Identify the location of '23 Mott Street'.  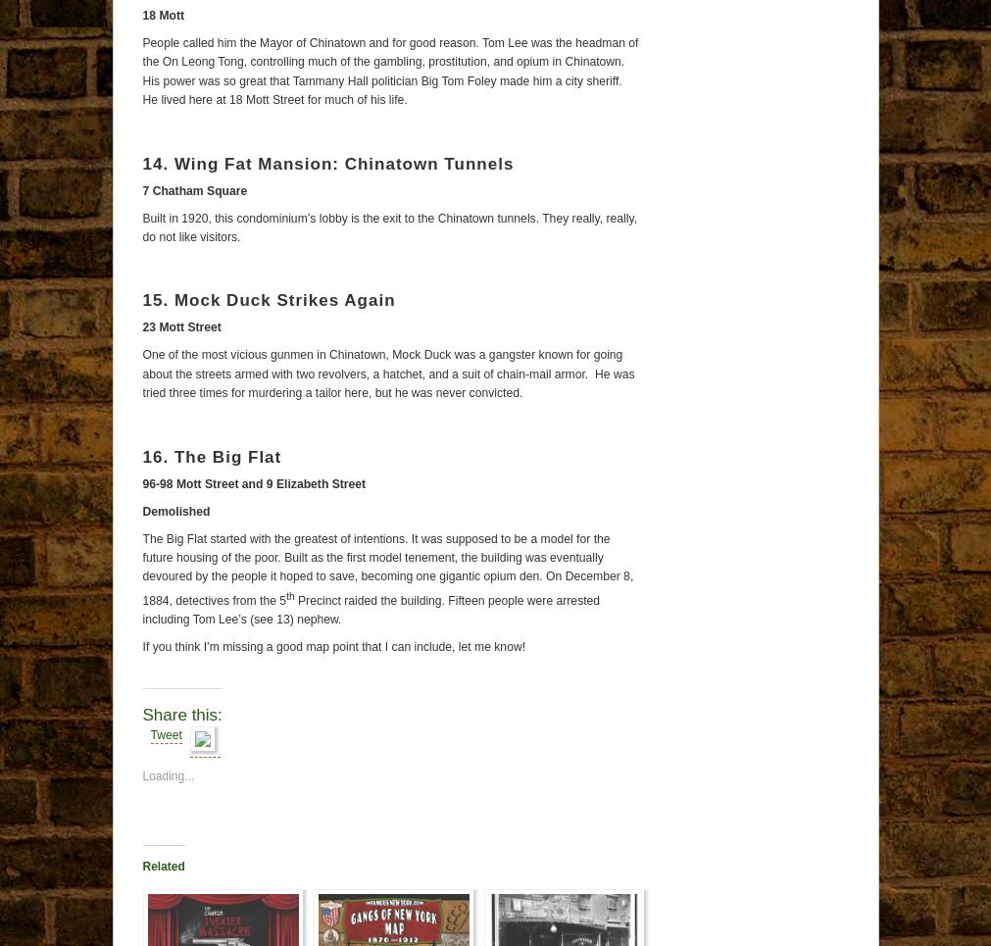
(181, 325).